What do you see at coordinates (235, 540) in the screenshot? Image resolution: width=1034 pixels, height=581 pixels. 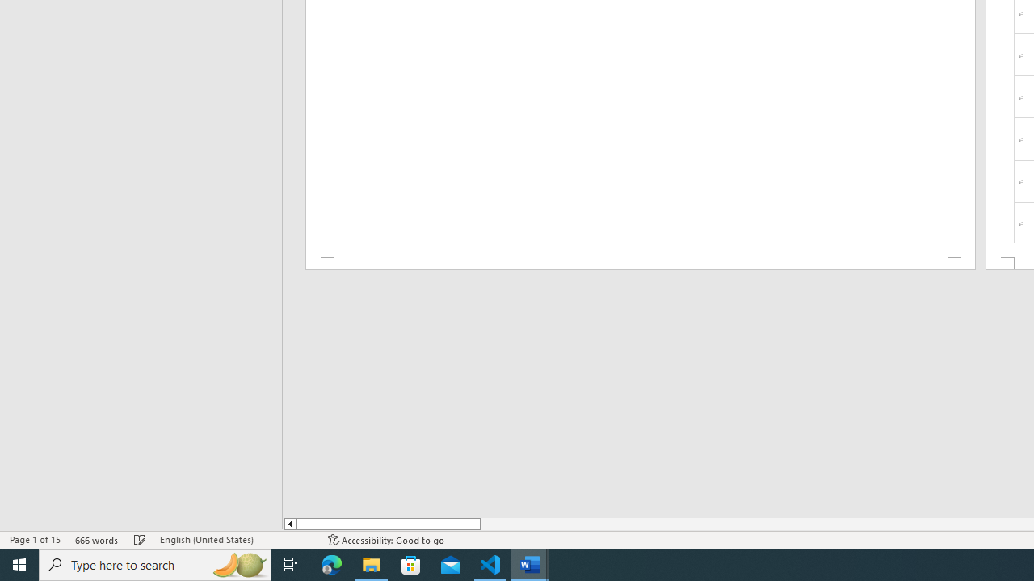 I see `'Language English (United States)'` at bounding box center [235, 540].